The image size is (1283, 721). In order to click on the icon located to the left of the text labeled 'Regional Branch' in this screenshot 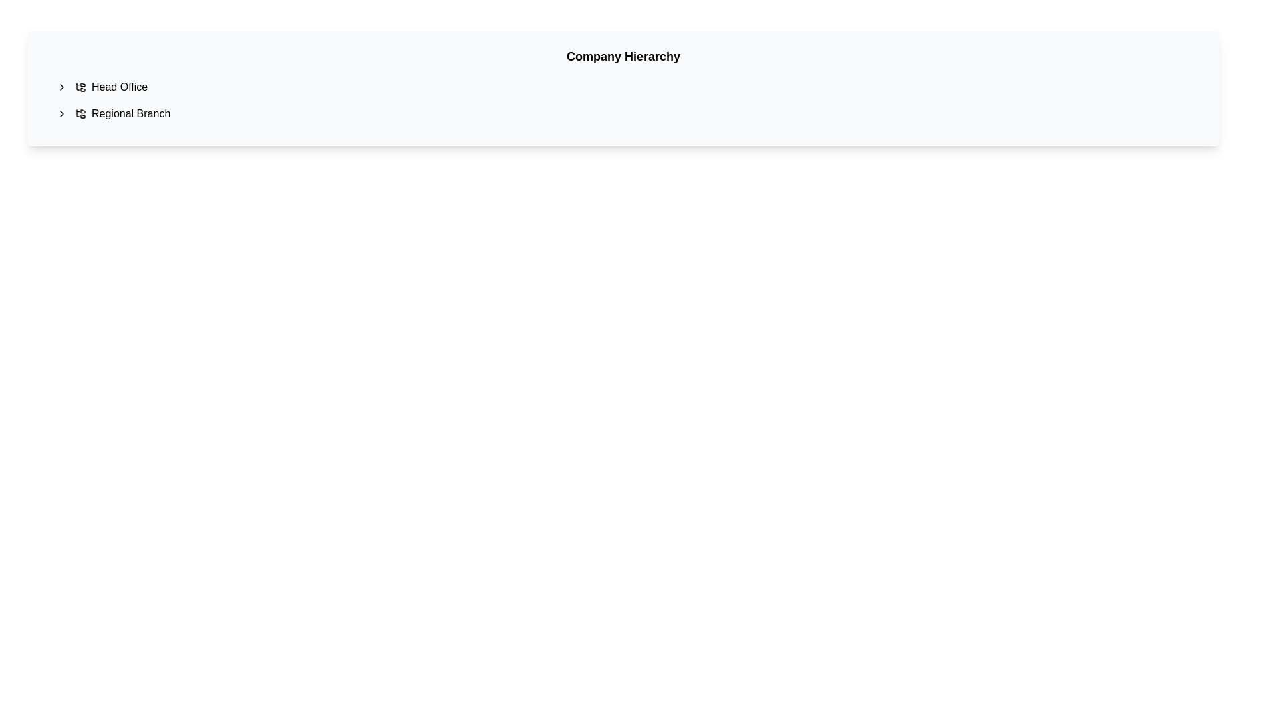, I will do `click(61, 113)`.